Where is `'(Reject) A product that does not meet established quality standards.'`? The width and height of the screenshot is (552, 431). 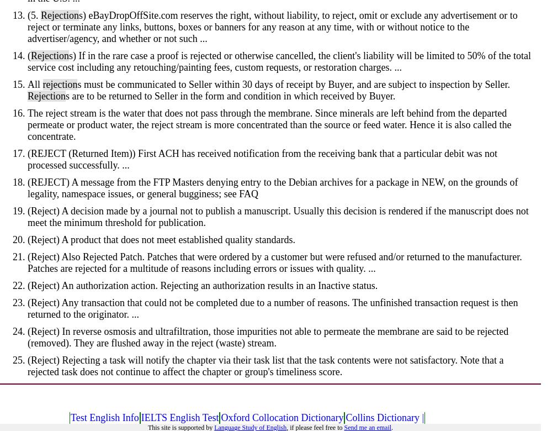
'(Reject) A product that does not meet established quality standards.' is located at coordinates (161, 239).